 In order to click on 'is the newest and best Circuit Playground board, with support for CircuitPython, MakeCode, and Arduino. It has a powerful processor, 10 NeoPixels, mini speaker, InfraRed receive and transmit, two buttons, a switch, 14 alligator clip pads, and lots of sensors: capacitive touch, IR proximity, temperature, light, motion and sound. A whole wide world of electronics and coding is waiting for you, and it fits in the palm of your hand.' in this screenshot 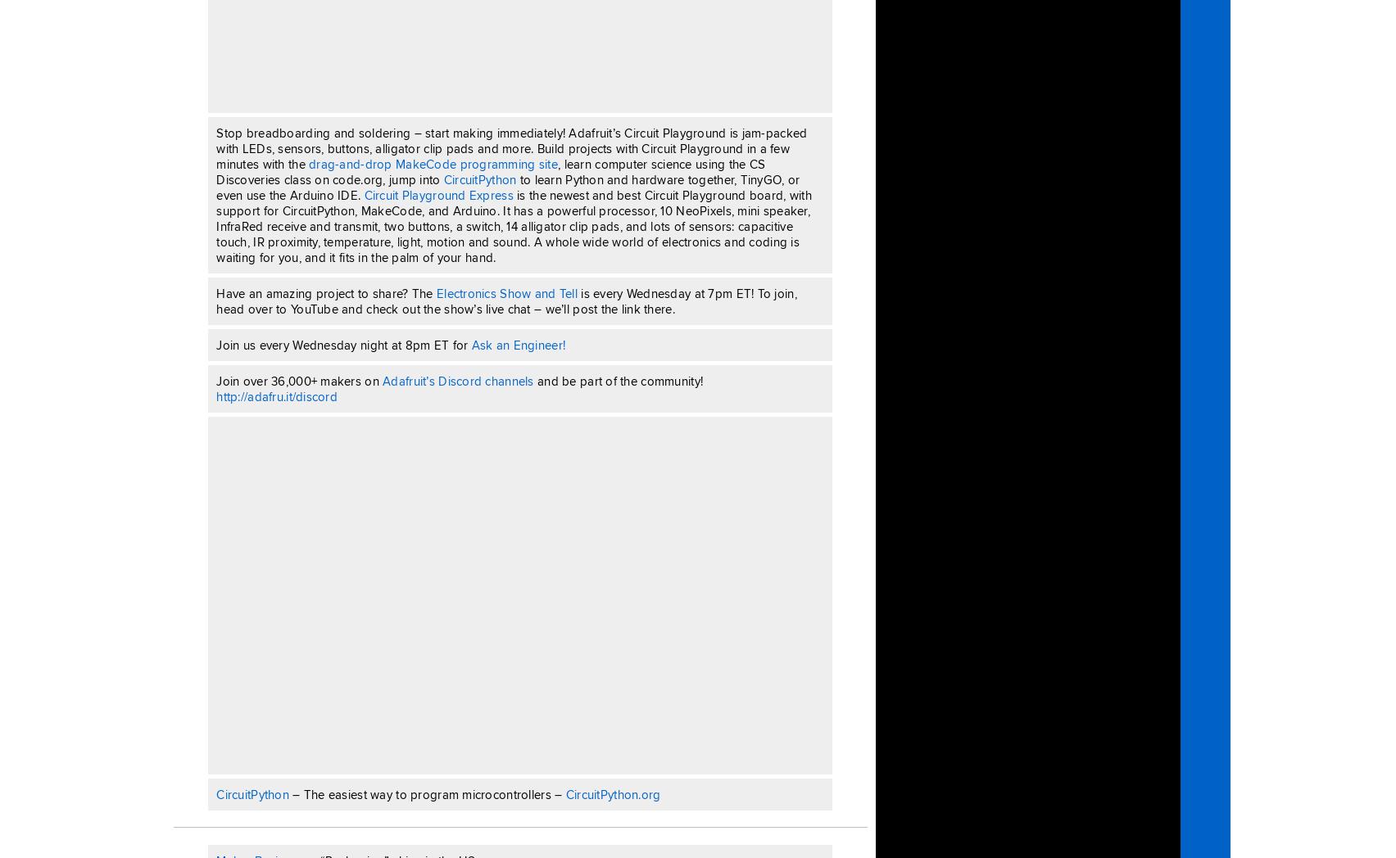, I will do `click(514, 224)`.